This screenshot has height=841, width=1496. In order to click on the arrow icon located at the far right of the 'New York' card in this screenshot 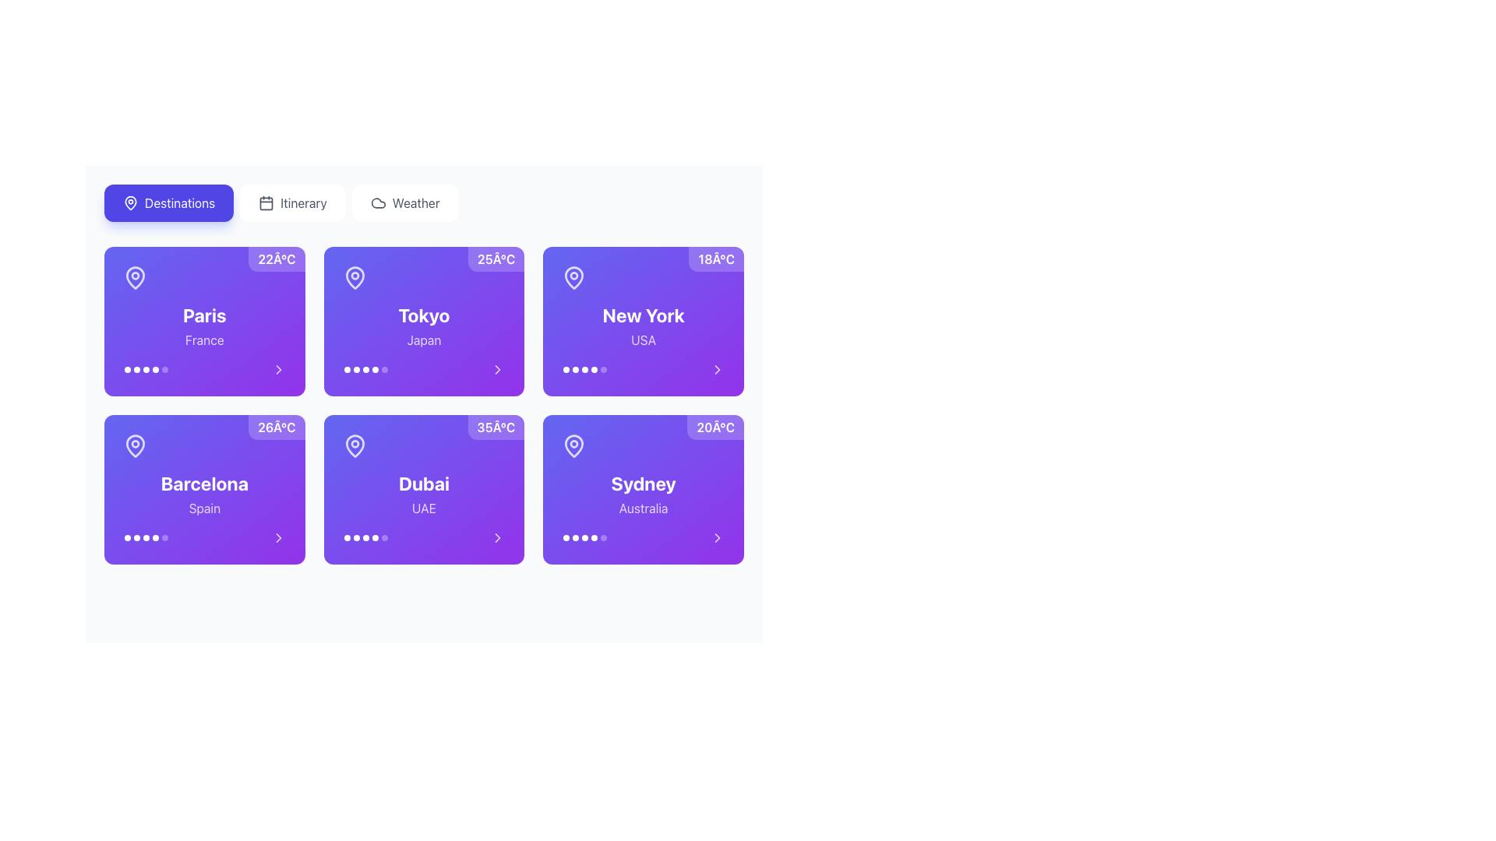, I will do `click(717, 369)`.